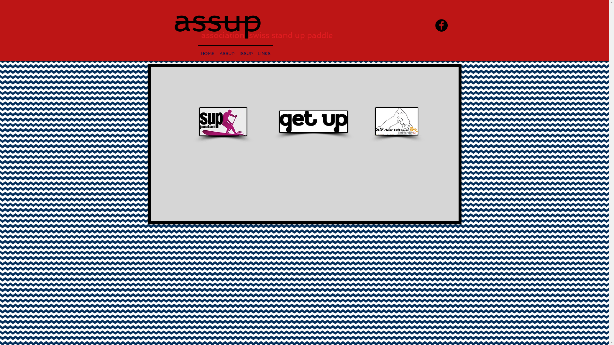 The height and width of the screenshot is (345, 614). Describe the element at coordinates (264, 50) in the screenshot. I see `'LINKS'` at that location.